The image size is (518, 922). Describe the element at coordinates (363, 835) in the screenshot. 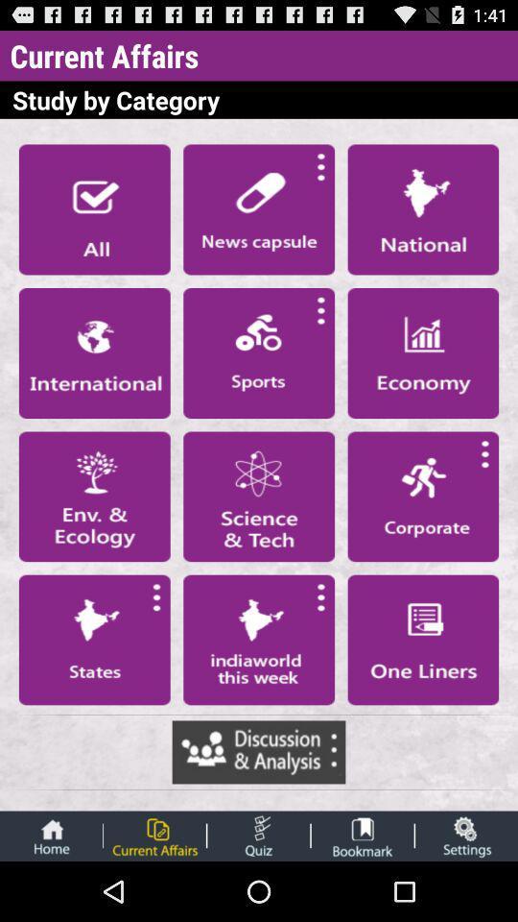

I see `bookmarks` at that location.